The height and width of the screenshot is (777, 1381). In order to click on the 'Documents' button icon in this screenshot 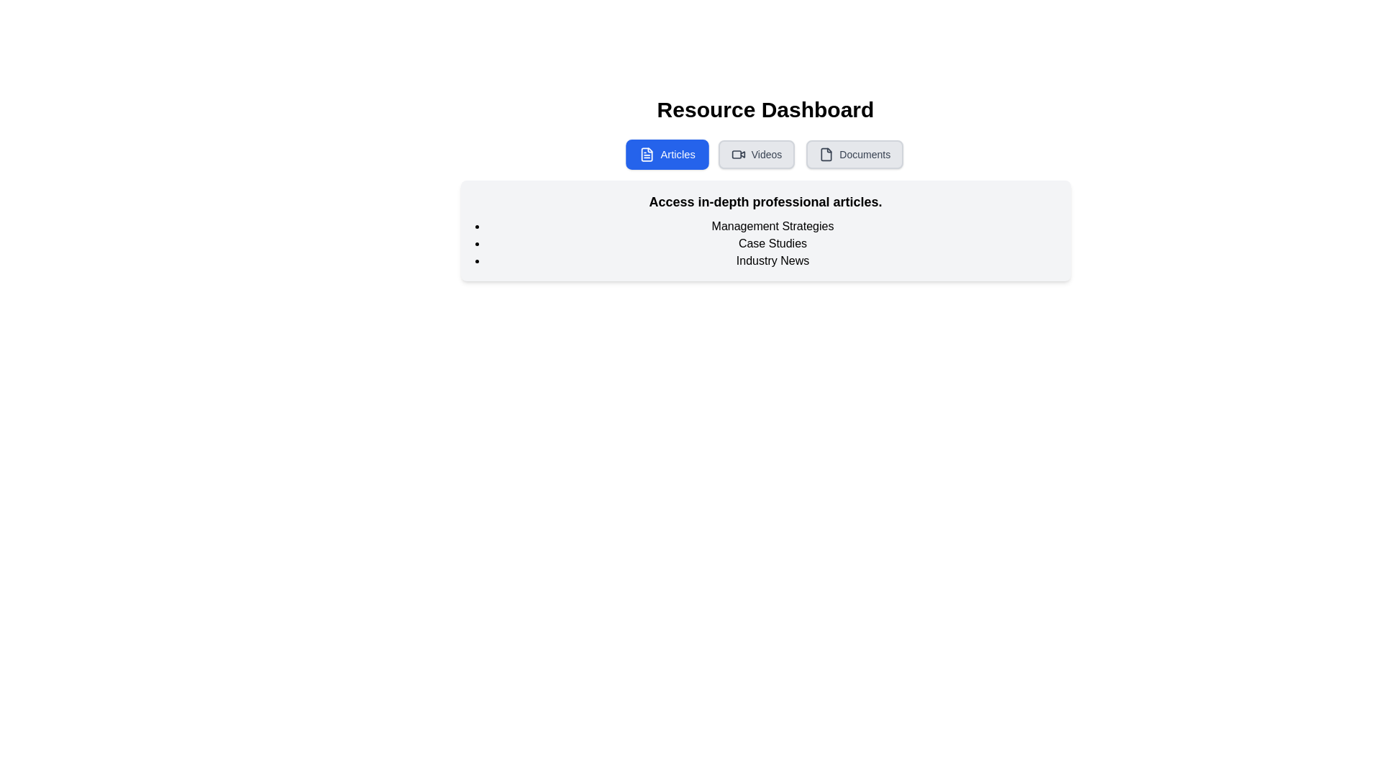, I will do `click(826, 155)`.